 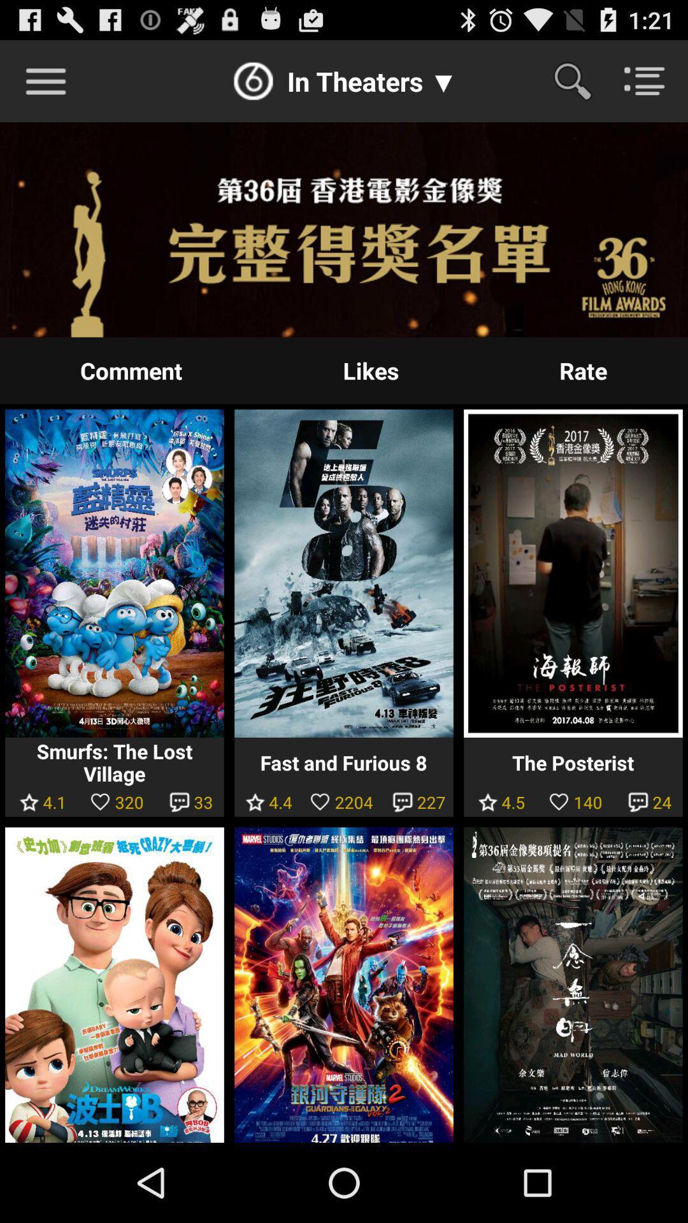 I want to click on more options button to the top left side, so click(x=46, y=81).